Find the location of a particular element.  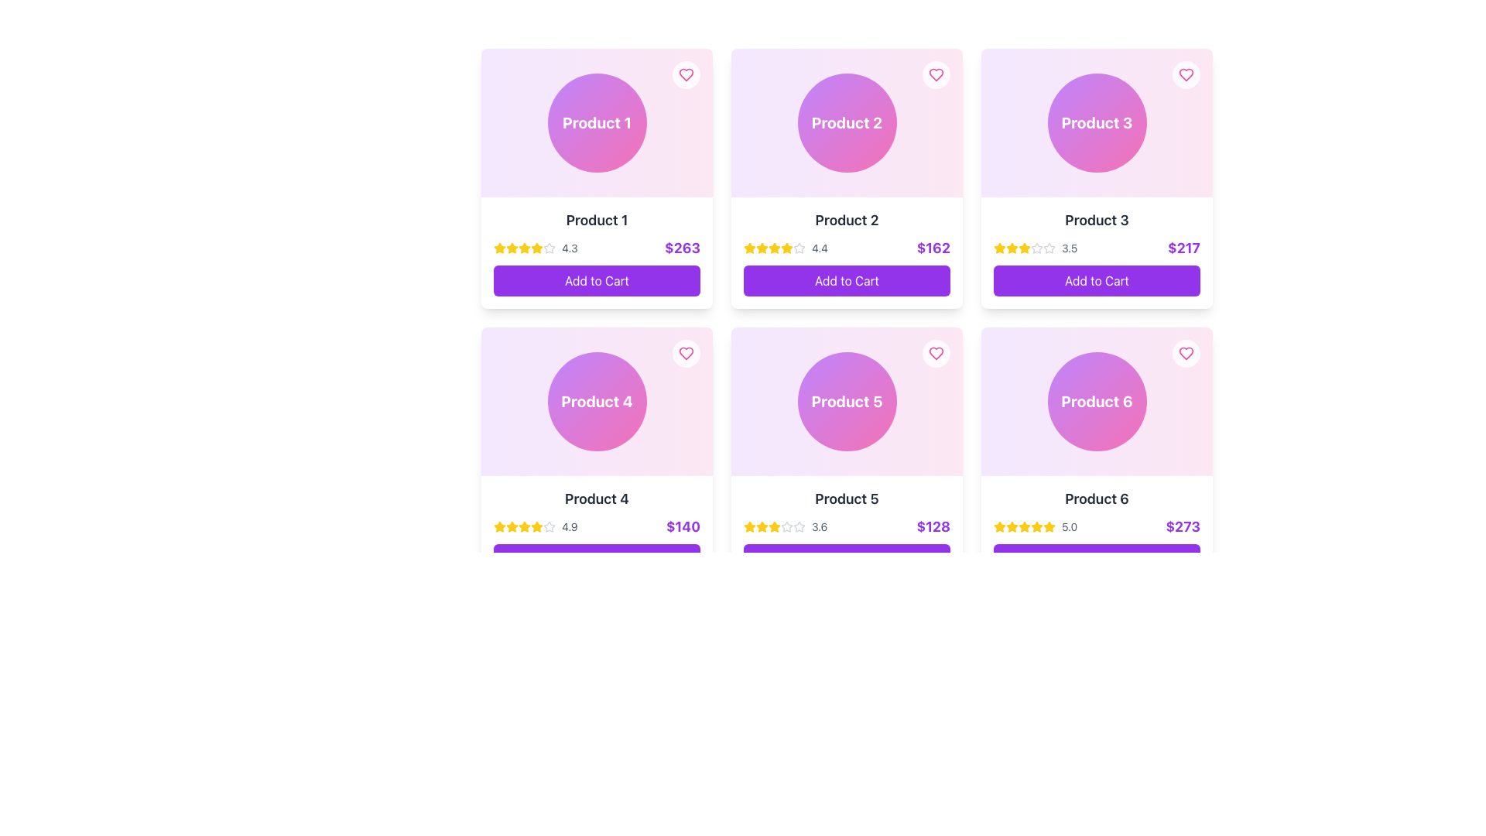

the Rating Display, which consists of five yellow stars followed by the text '5.0' in gray, to indicate interest is located at coordinates (1036, 526).